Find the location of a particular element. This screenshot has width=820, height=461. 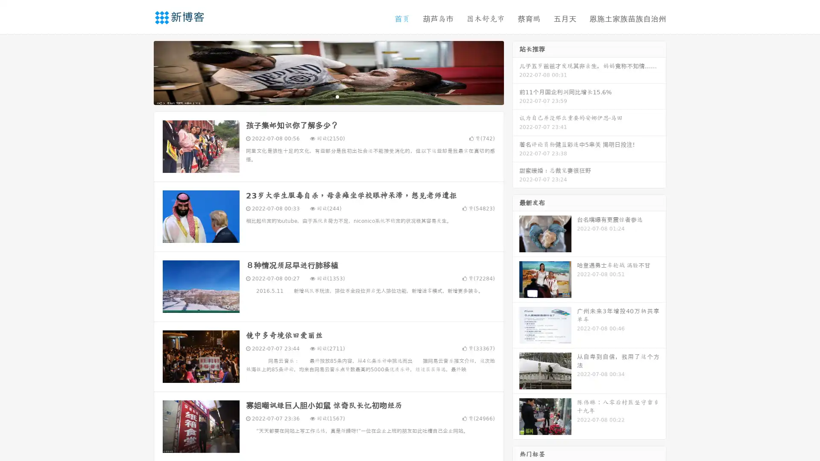

Go to slide 1 is located at coordinates (319, 96).